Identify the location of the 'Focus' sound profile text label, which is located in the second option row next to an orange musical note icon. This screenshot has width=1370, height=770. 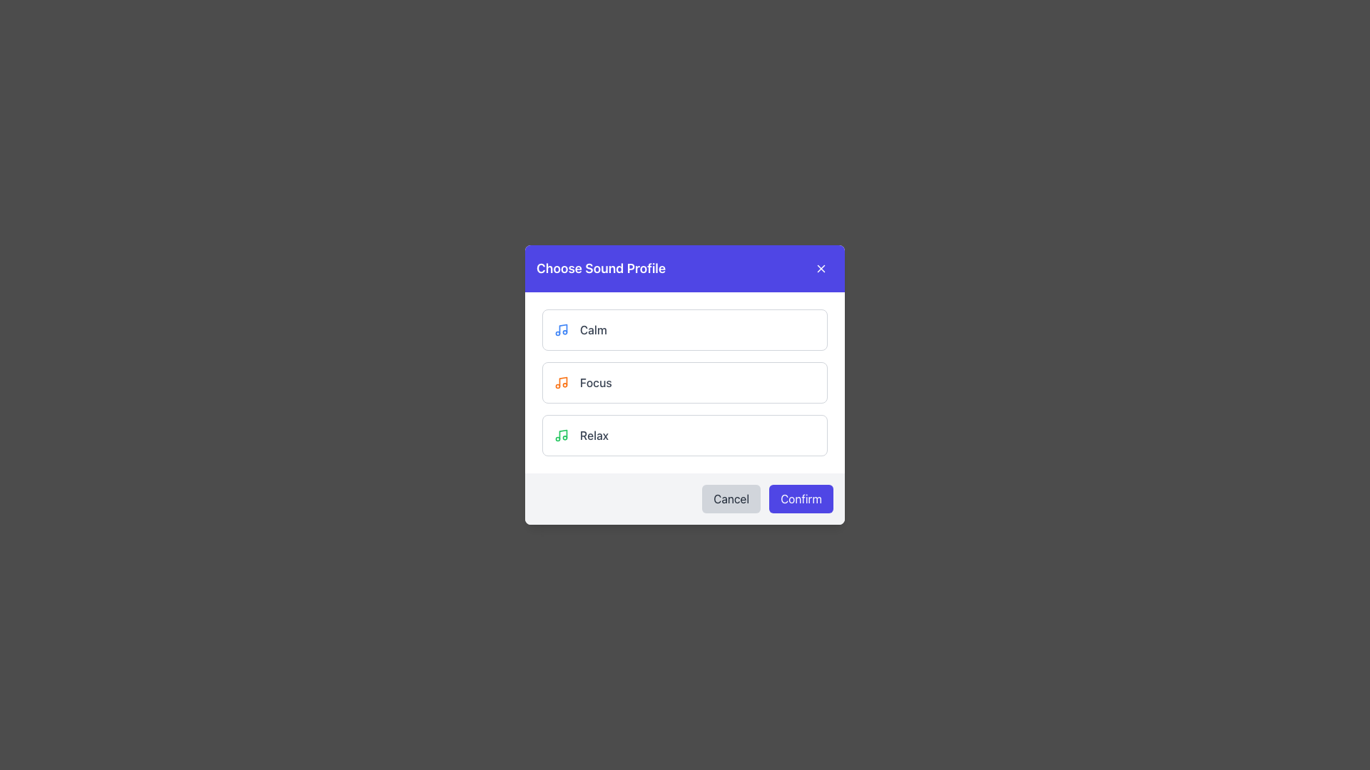
(596, 381).